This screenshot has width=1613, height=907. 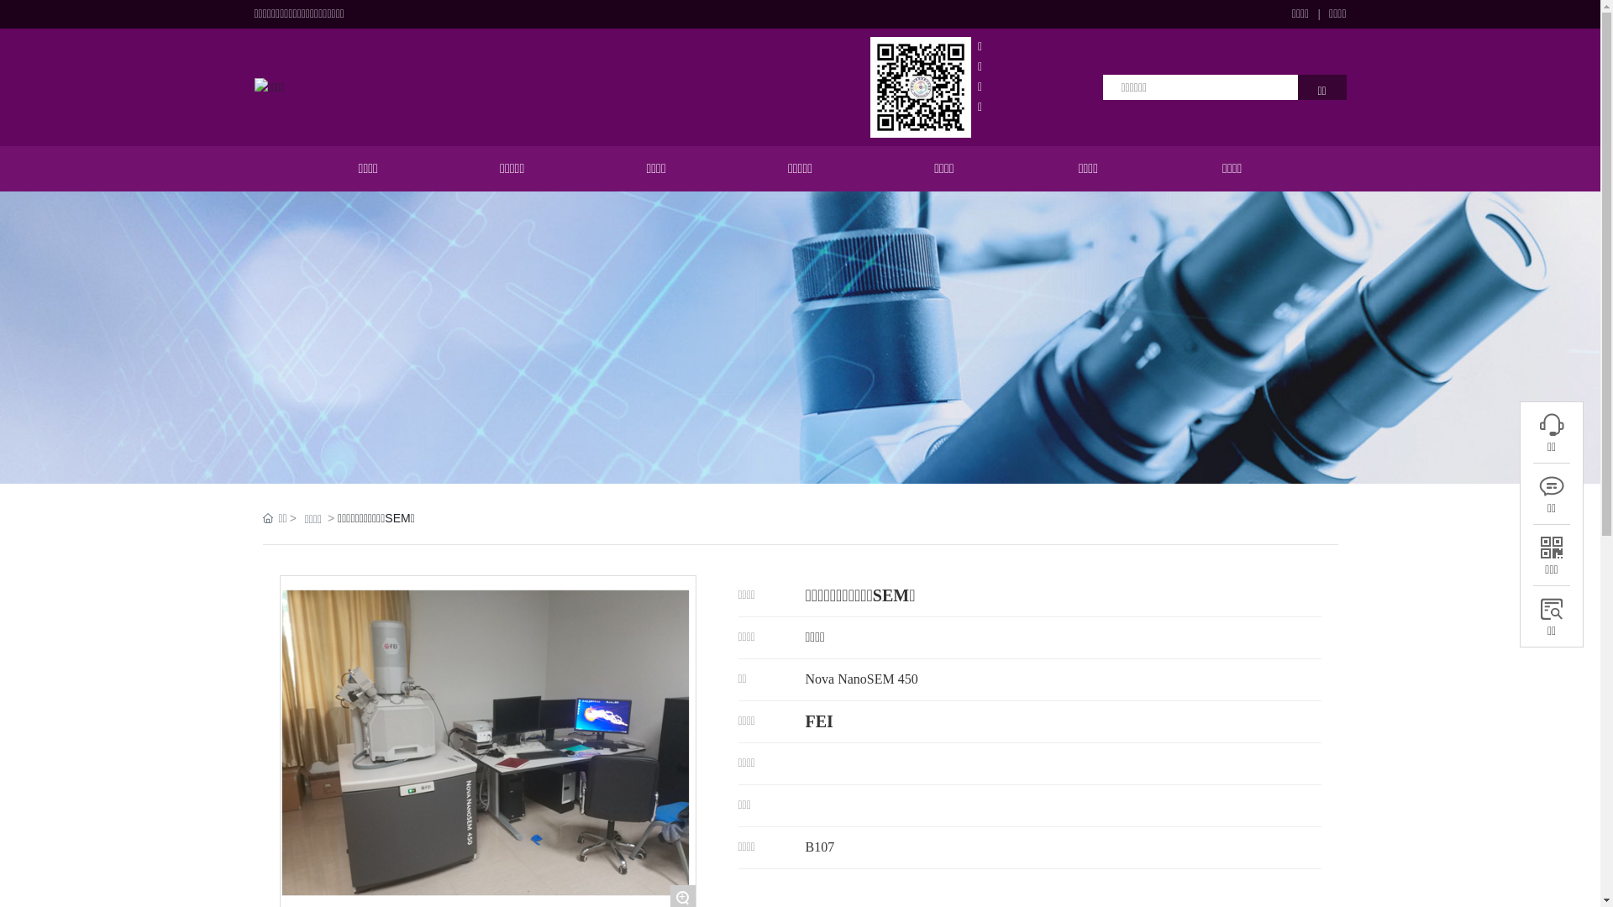 What do you see at coordinates (1551, 485) in the screenshot?
I see `'112'` at bounding box center [1551, 485].